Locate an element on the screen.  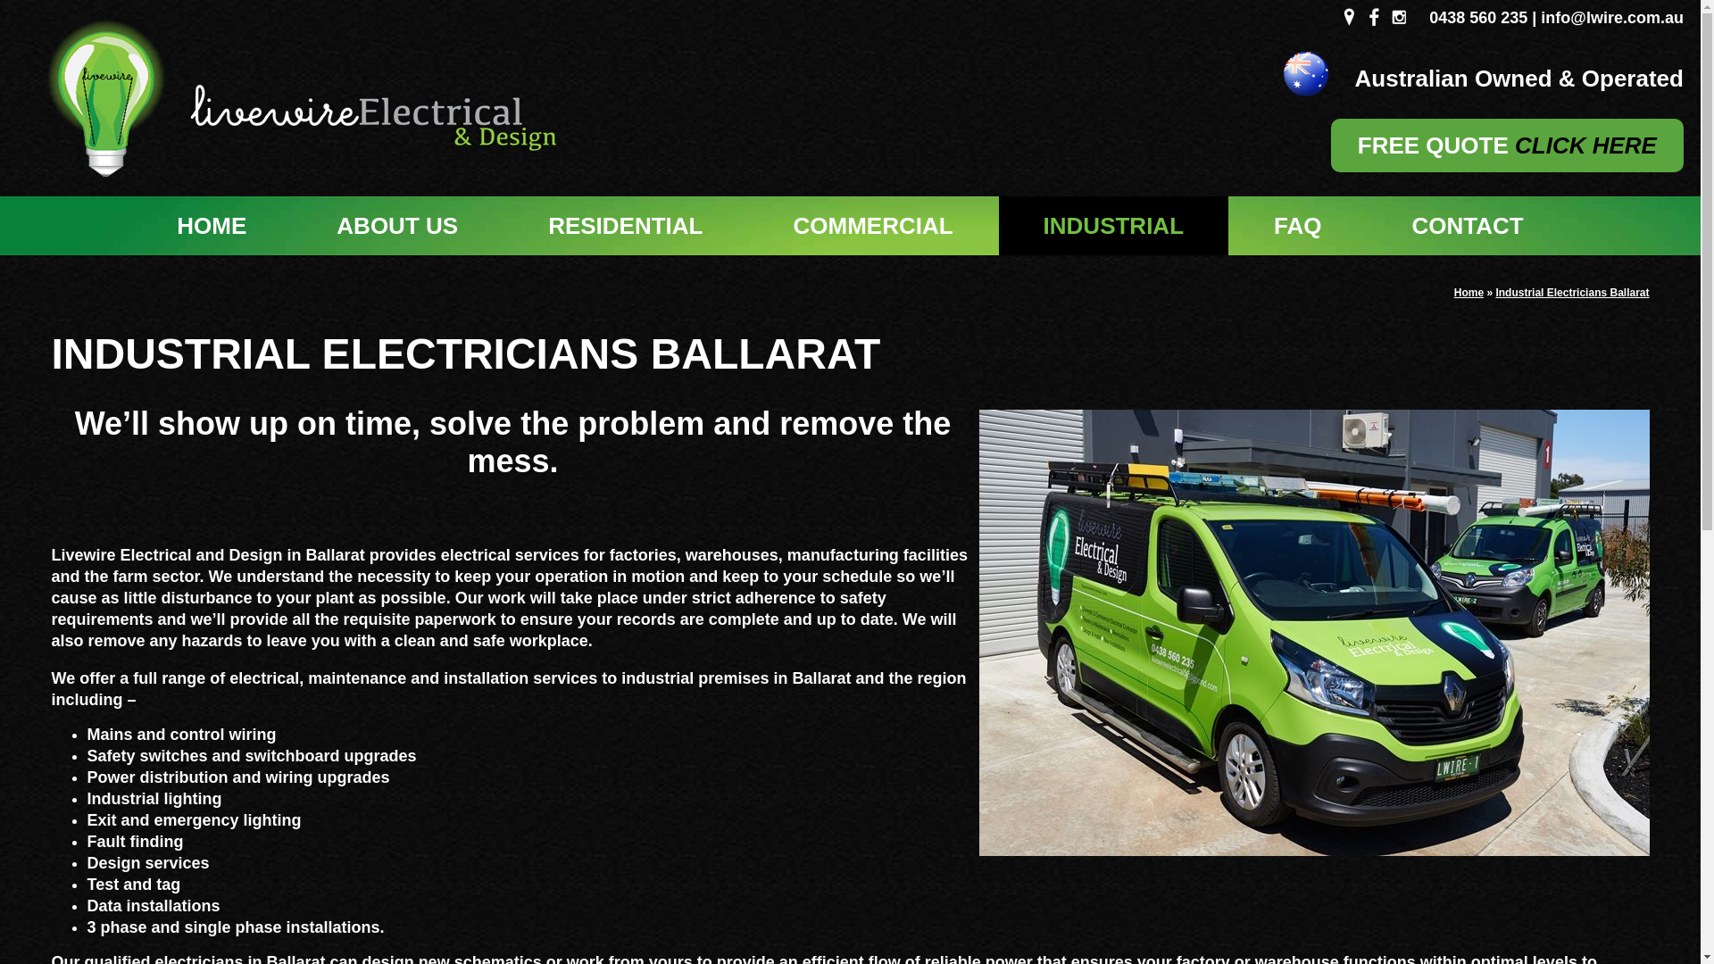
'INDUSTRIAL' is located at coordinates (1112, 225).